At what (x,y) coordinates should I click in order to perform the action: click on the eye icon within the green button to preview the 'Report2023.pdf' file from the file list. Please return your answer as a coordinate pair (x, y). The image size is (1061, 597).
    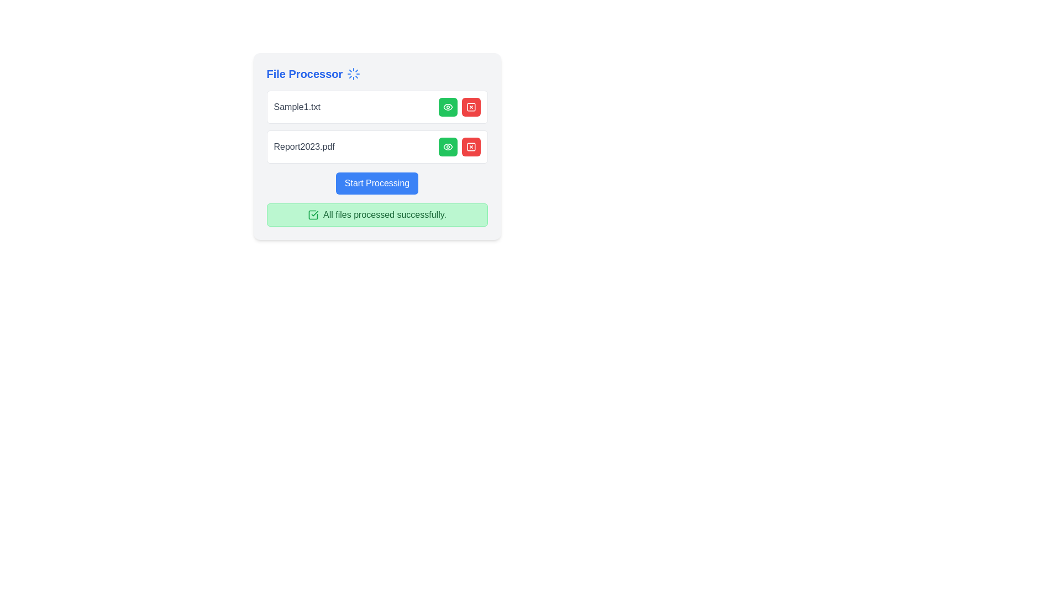
    Looking at the image, I should click on (448, 107).